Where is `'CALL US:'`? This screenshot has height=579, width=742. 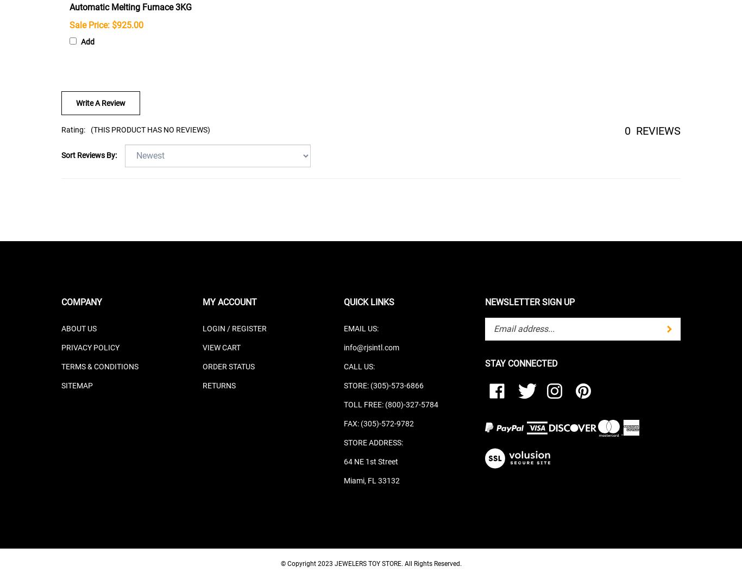
'CALL US:' is located at coordinates (358, 366).